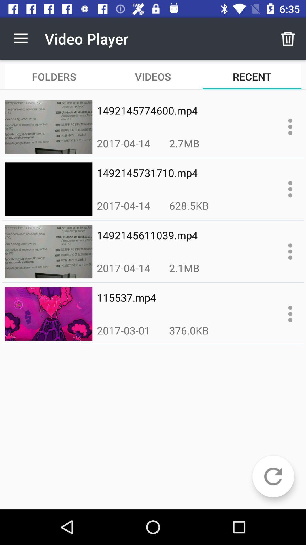 The image size is (306, 545). I want to click on the 376.0kb, so click(189, 330).